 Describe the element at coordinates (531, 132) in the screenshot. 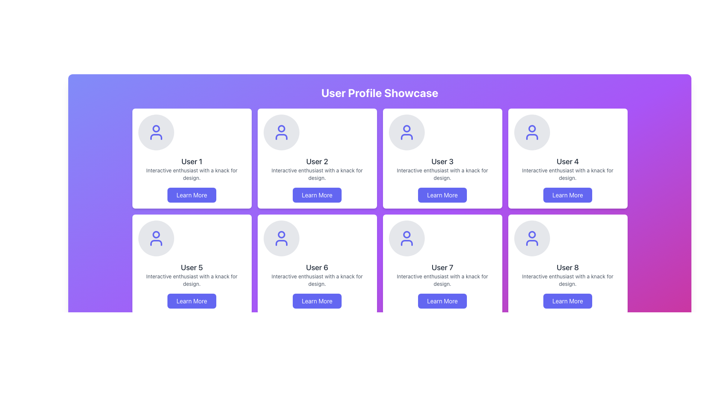

I see `the user profile icon located in the fourth card of the top row in the profile showcase grid, which is represented by a light gray circular background` at that location.